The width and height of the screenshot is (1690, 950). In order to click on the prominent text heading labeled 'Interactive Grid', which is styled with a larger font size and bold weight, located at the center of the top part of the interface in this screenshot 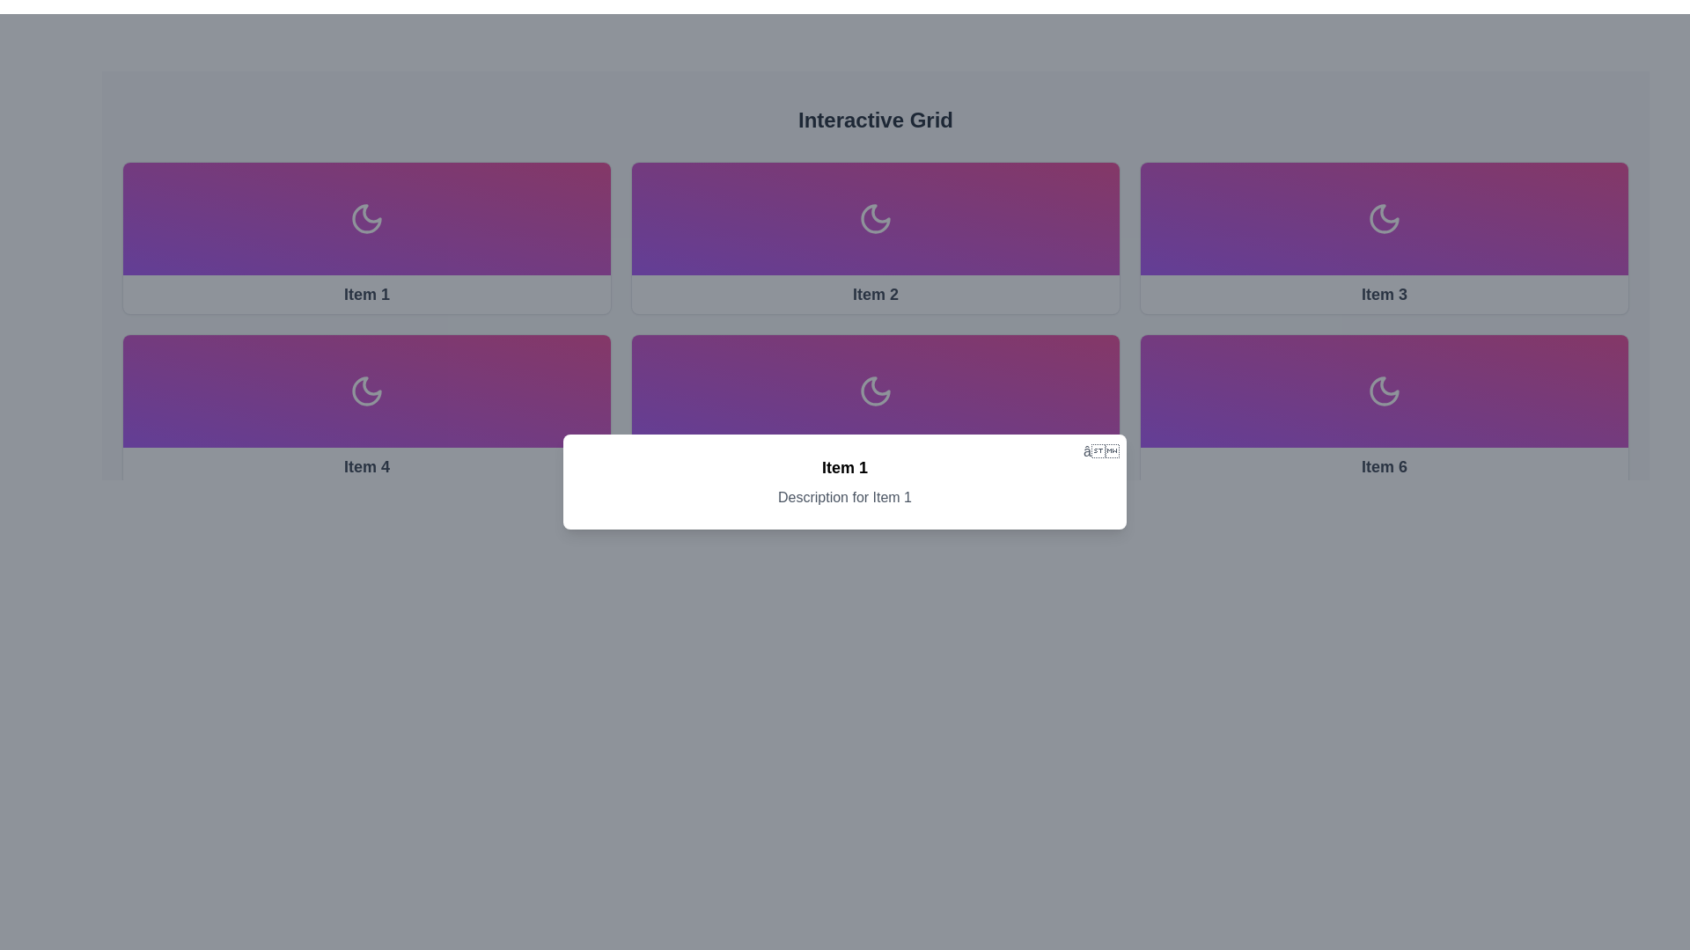, I will do `click(875, 120)`.